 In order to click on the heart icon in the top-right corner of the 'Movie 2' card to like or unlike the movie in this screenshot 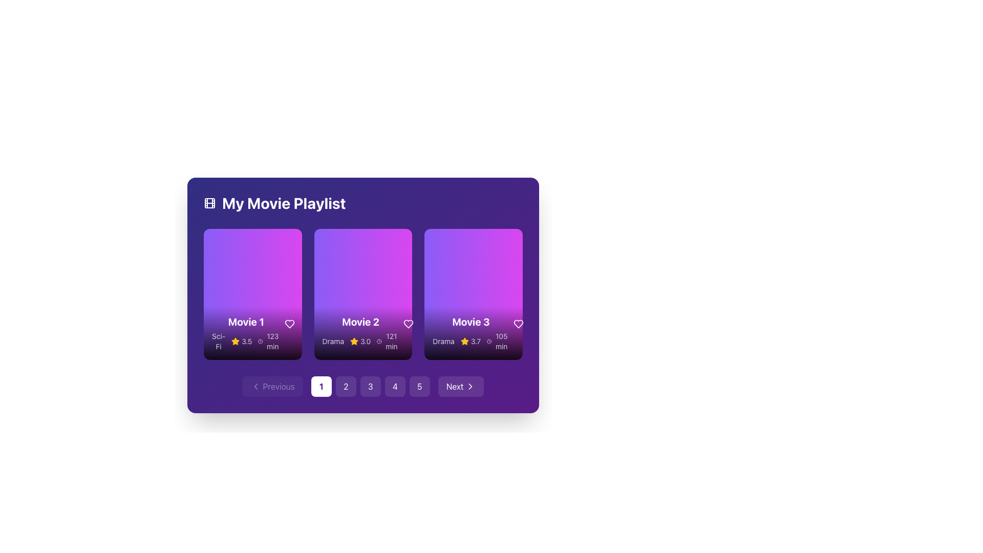, I will do `click(408, 324)`.